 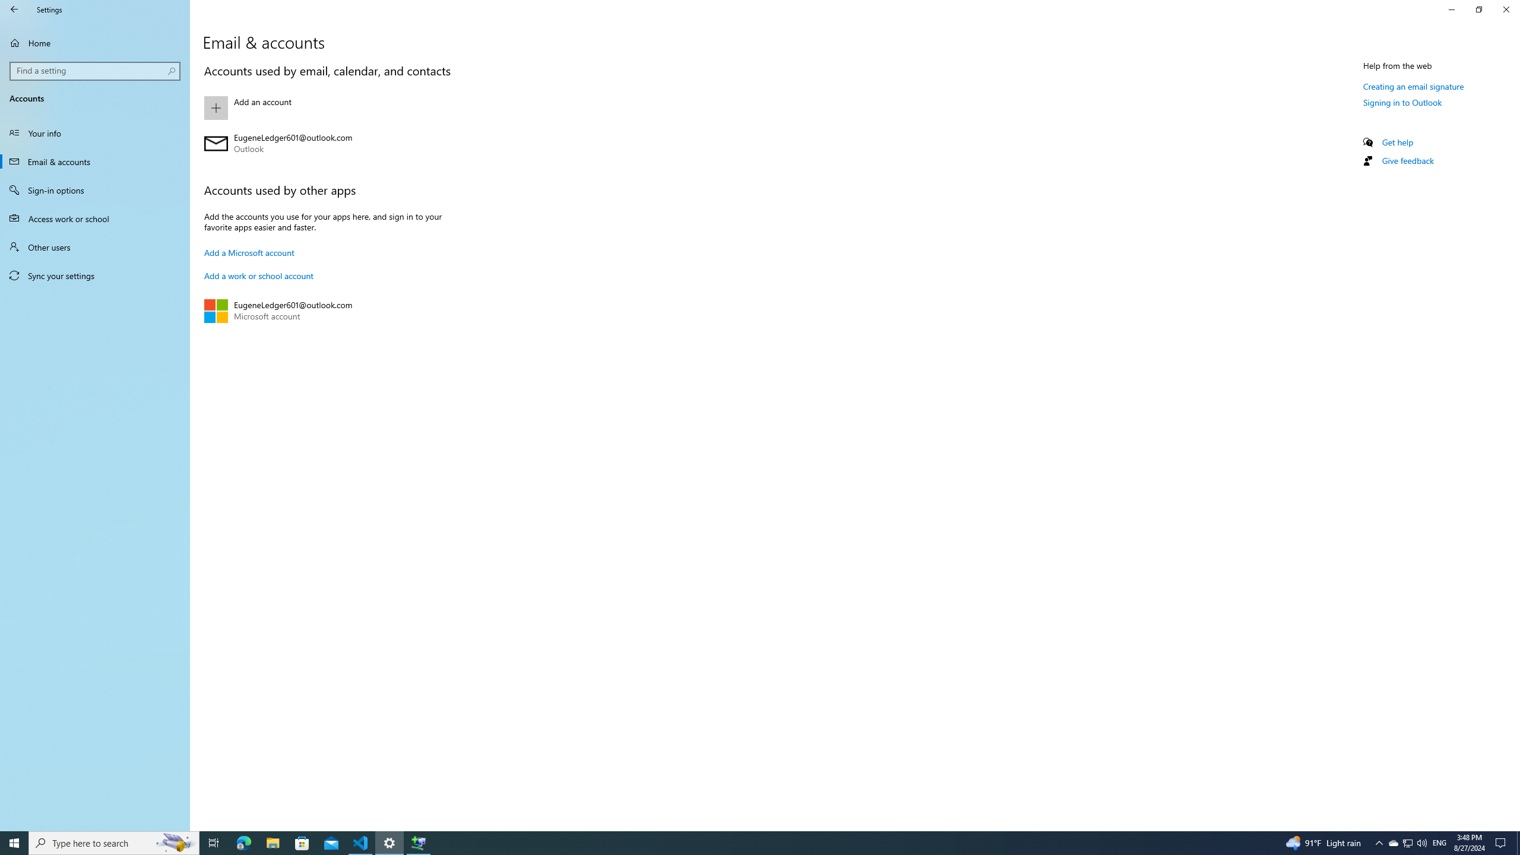 I want to click on 'Get help', so click(x=1396, y=141).